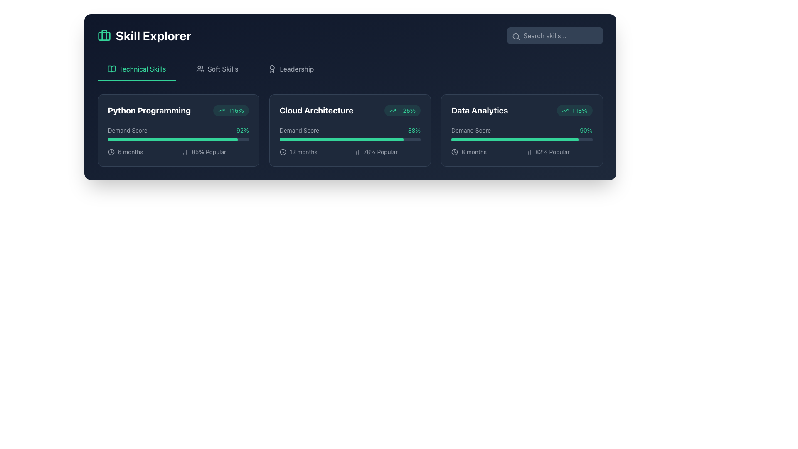  What do you see at coordinates (223, 68) in the screenshot?
I see `the 'Soft Skills' text label in the navigation menu` at bounding box center [223, 68].